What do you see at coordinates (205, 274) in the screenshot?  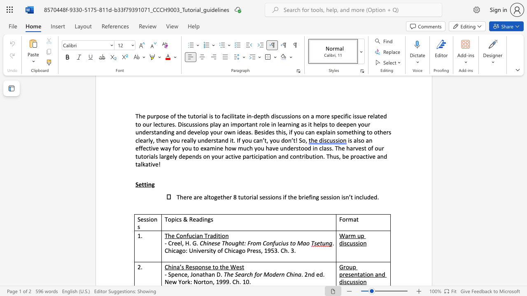 I see `the subset text "ha" within the text "- Spence, Jonathan D."` at bounding box center [205, 274].